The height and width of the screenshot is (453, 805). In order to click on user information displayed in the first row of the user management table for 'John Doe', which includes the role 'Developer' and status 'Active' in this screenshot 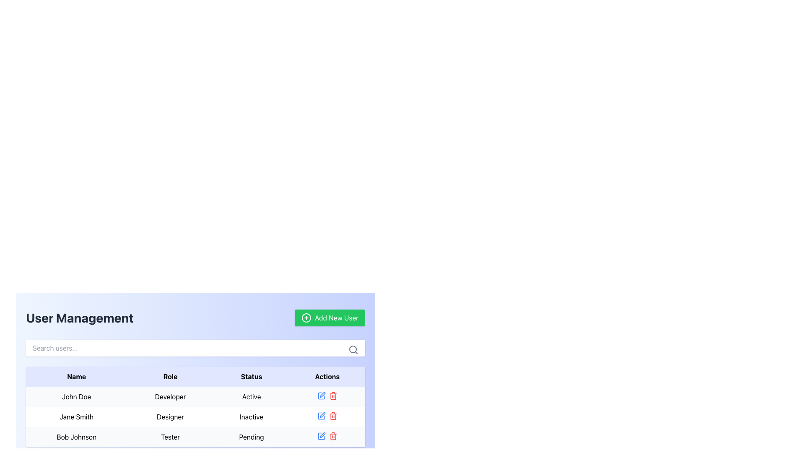, I will do `click(195, 396)`.